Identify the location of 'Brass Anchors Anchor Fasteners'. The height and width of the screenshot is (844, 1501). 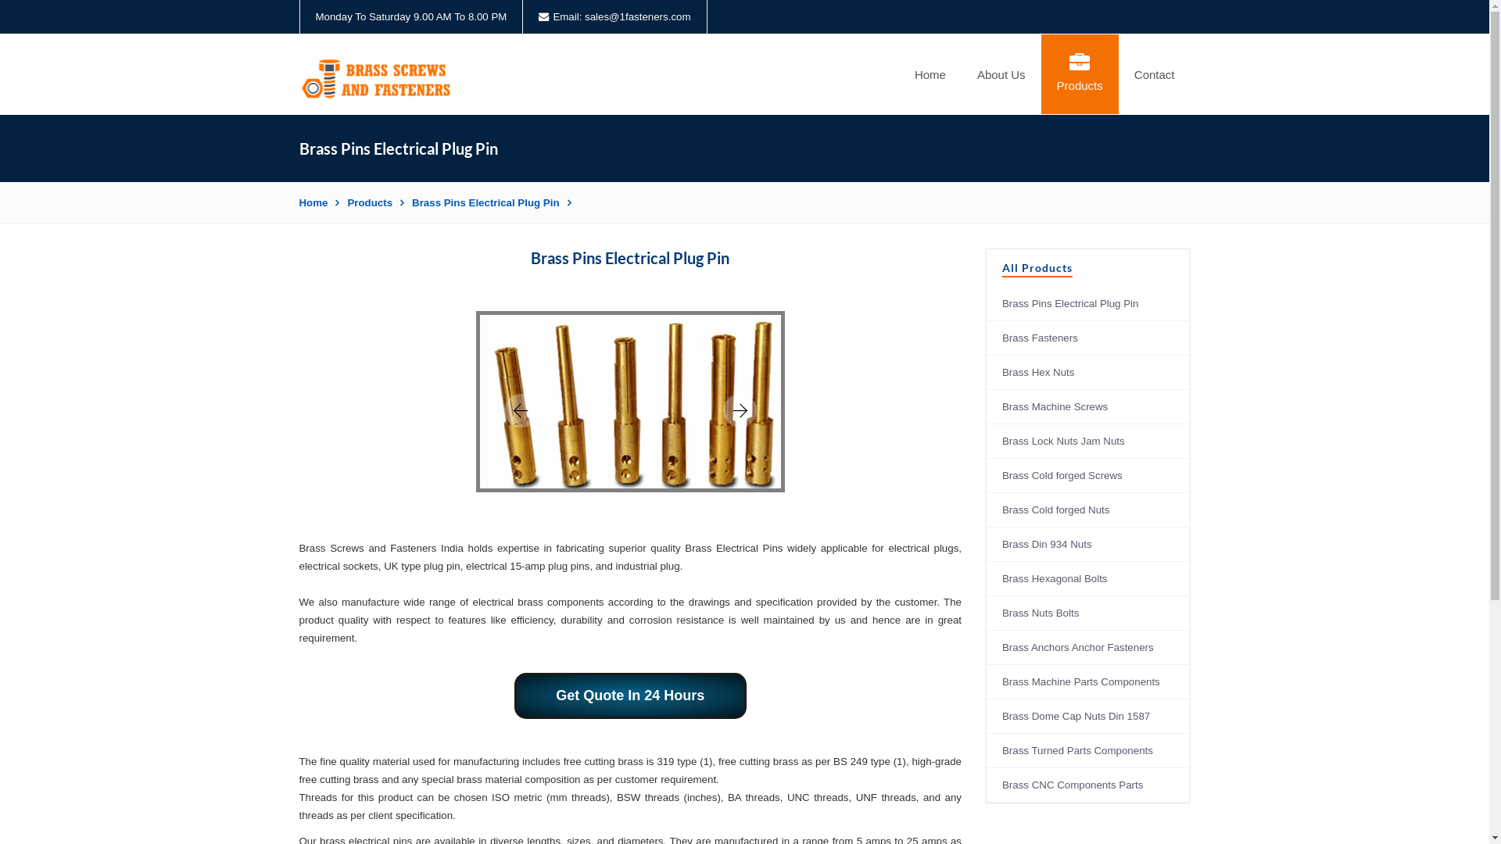
(1087, 648).